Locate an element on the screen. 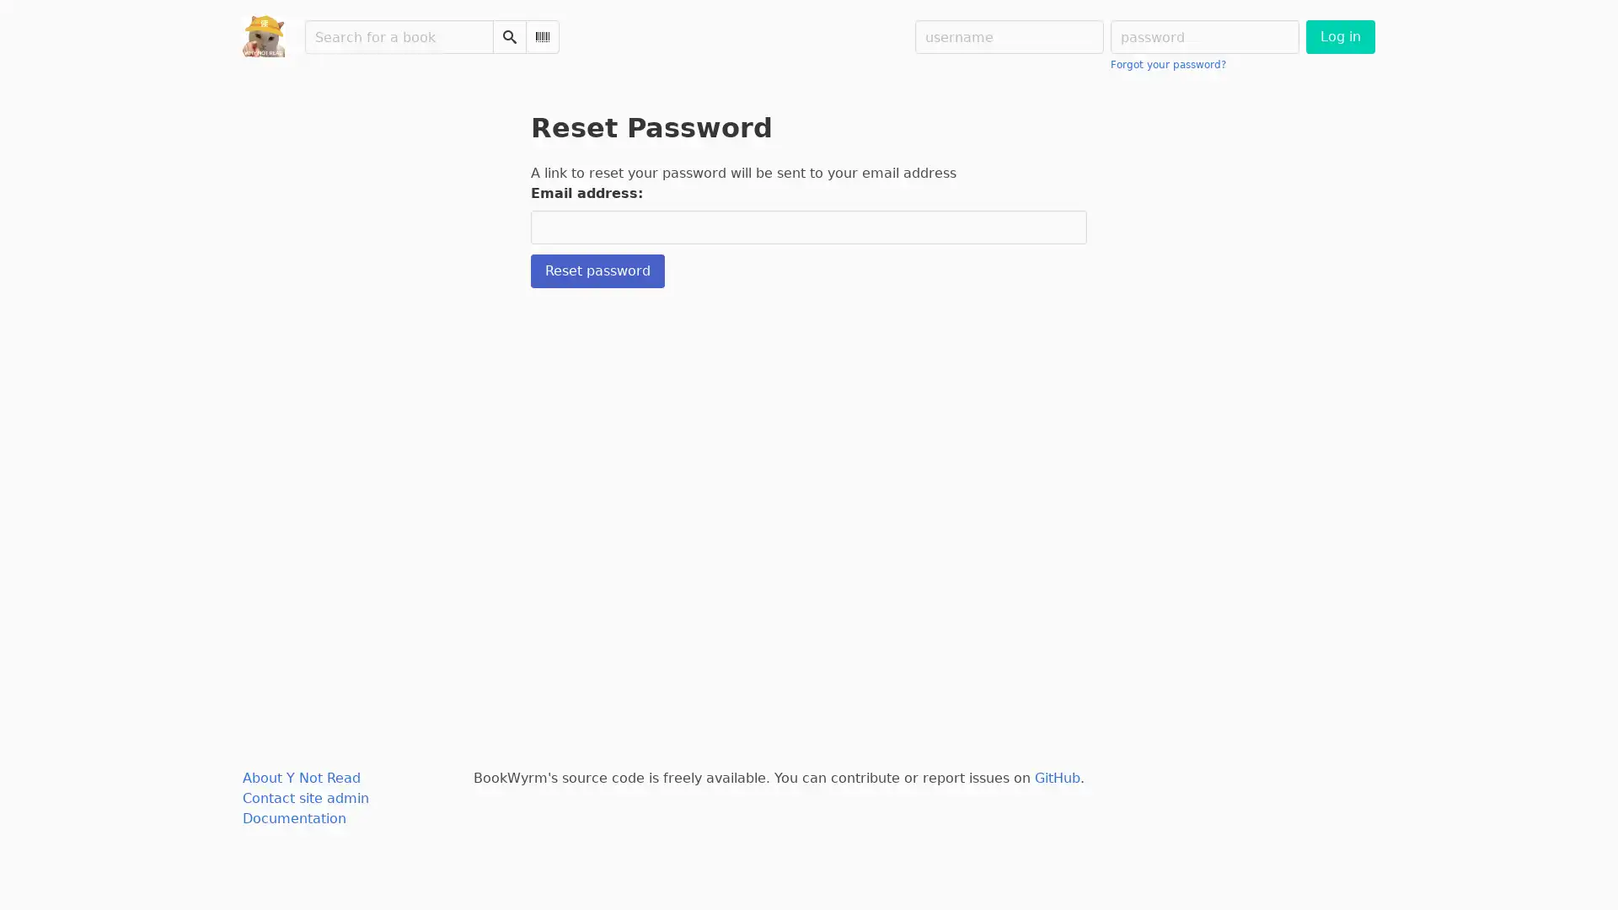 The image size is (1618, 910). Log in is located at coordinates (1339, 36).